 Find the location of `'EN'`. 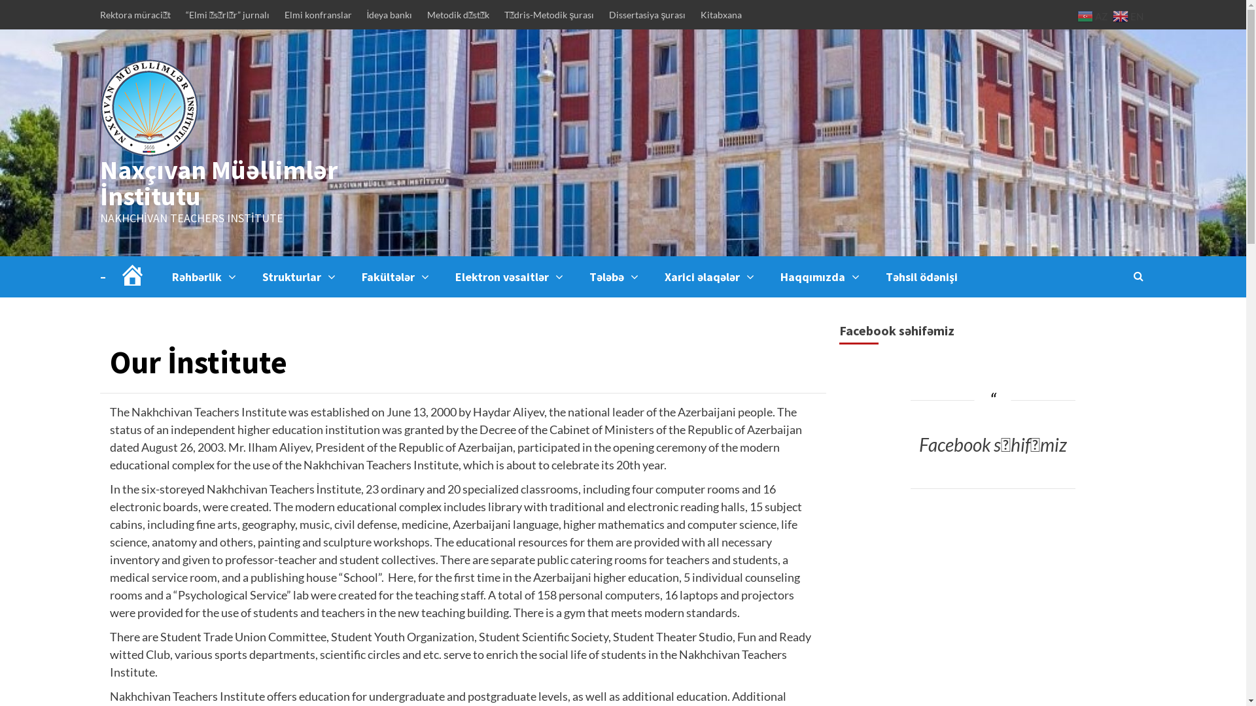

'EN' is located at coordinates (1129, 15).